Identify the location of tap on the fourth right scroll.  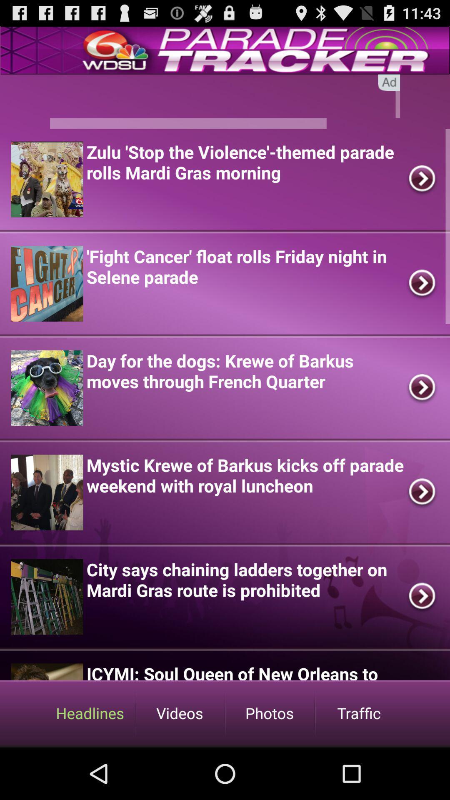
(422, 492).